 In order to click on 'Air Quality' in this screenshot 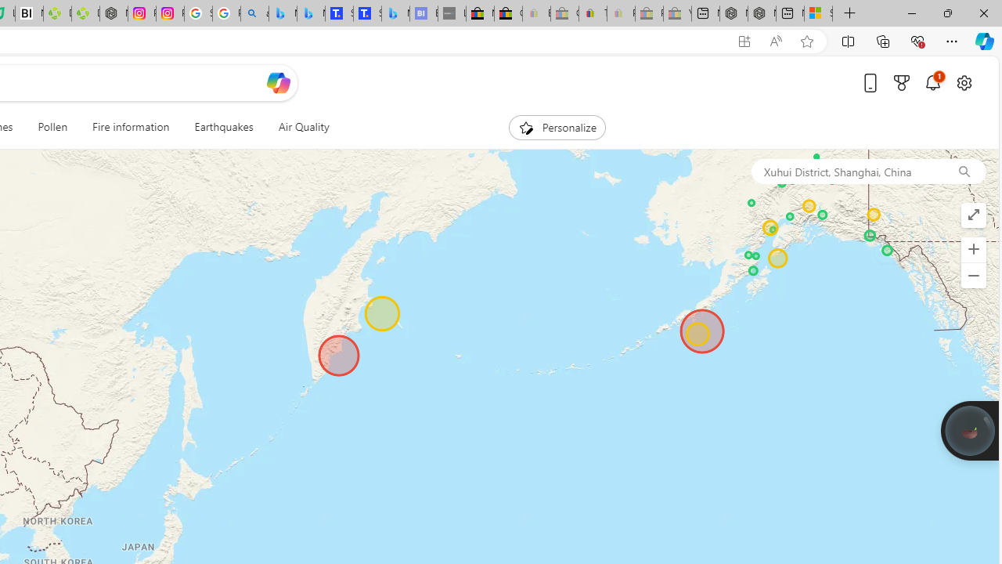, I will do `click(303, 127)`.